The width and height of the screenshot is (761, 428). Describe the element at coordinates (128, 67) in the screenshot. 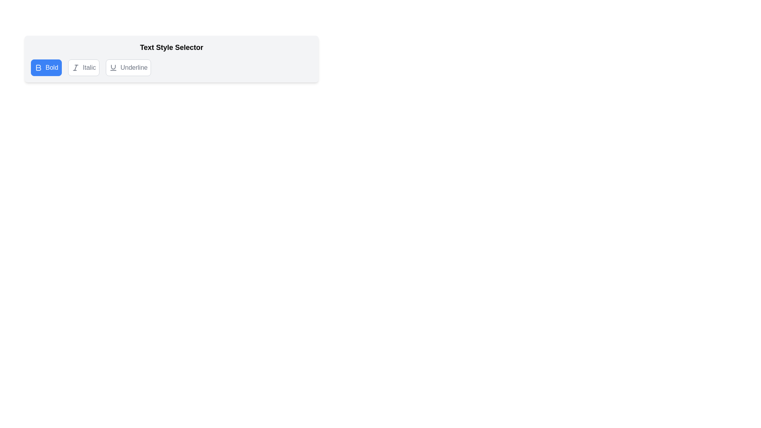

I see `the 'Underline' button, which is the third button from the left in the text-style selector group` at that location.